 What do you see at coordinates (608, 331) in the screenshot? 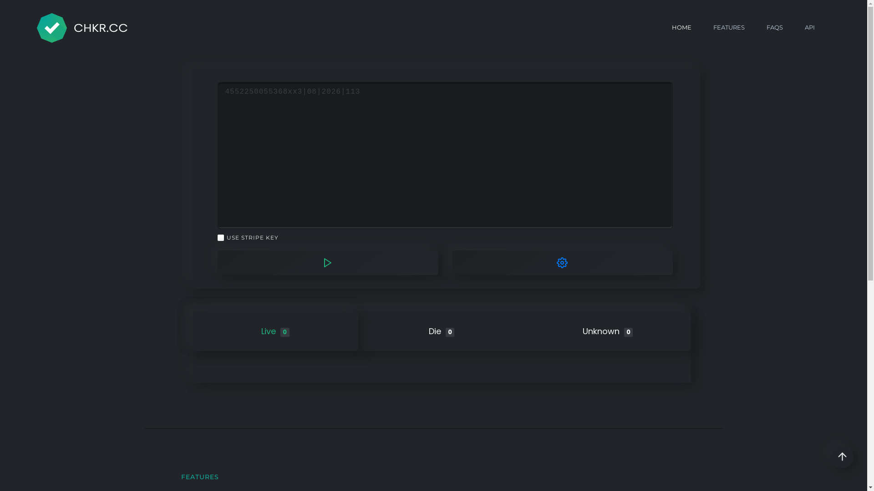
I see `'Unknown0'` at bounding box center [608, 331].